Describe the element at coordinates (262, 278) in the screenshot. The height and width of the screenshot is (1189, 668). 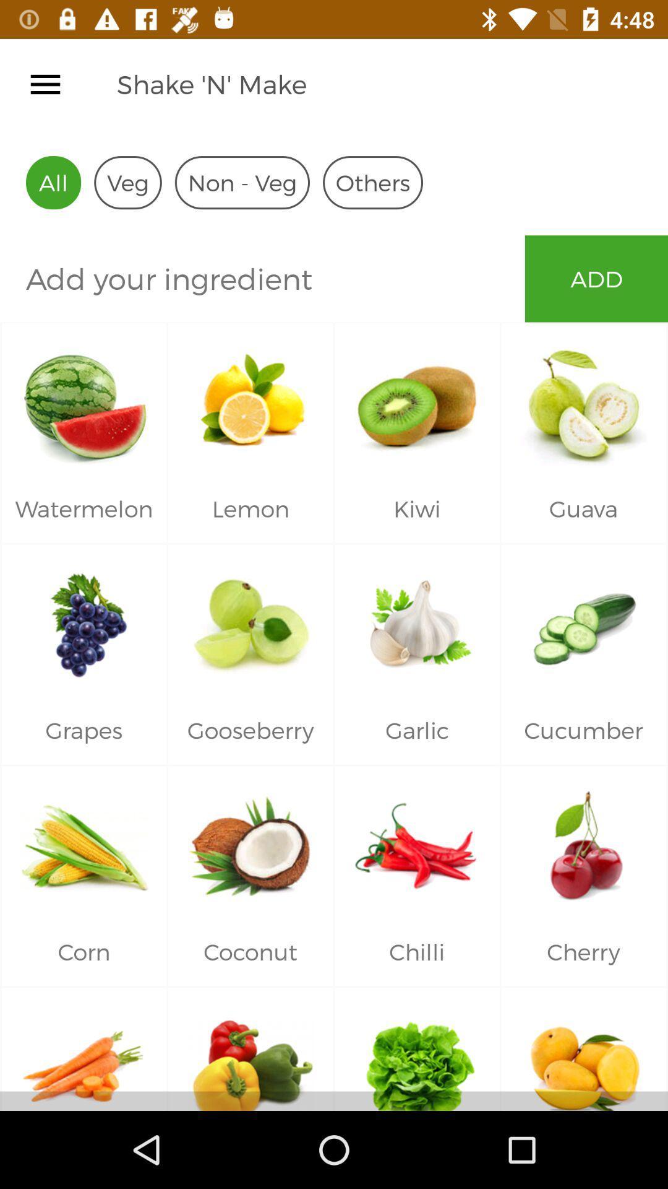
I see `search for ingredient` at that location.